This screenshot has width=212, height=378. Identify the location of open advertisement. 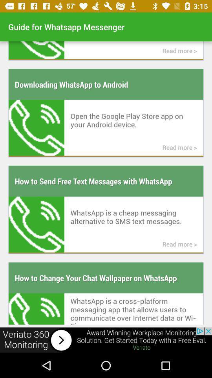
(106, 340).